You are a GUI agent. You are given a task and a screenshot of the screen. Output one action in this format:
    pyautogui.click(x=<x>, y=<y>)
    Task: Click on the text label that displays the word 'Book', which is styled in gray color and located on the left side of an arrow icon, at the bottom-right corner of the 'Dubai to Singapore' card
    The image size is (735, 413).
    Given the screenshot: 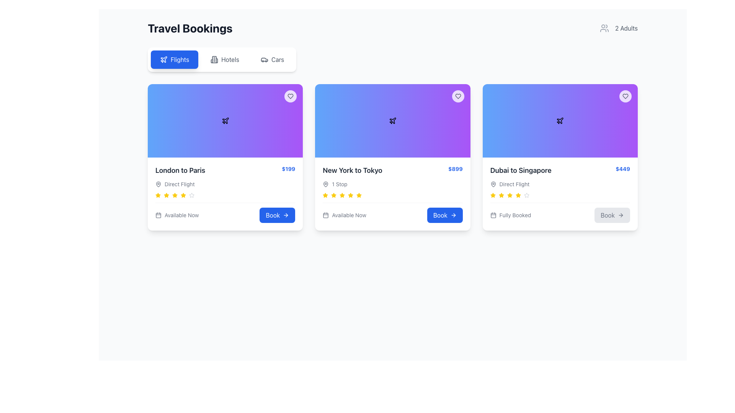 What is the action you would take?
    pyautogui.click(x=607, y=215)
    